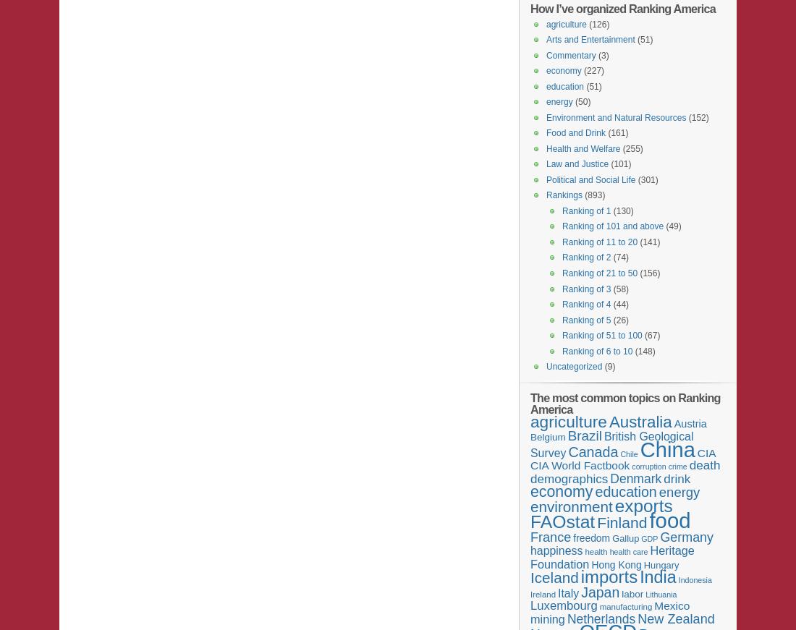 The width and height of the screenshot is (796, 630). What do you see at coordinates (564, 195) in the screenshot?
I see `'Rankings'` at bounding box center [564, 195].